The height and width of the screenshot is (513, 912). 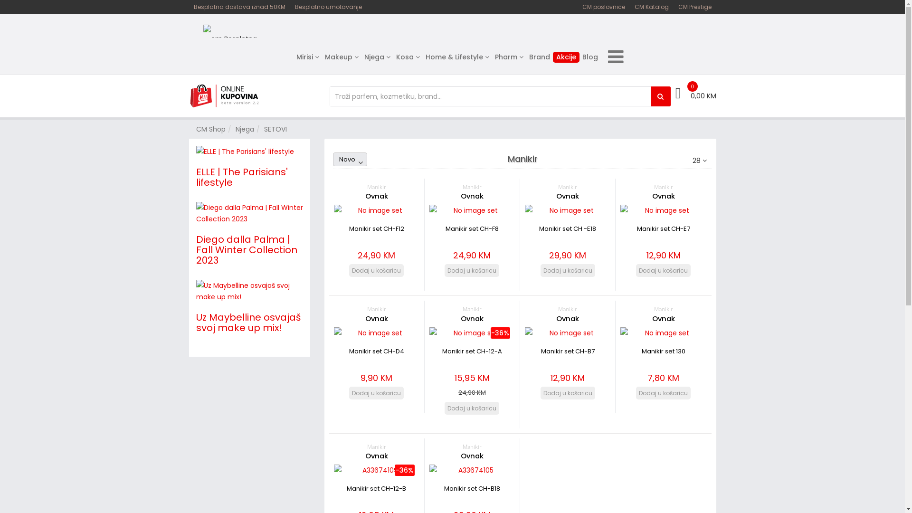 What do you see at coordinates (264, 129) in the screenshot?
I see `'SETOVI'` at bounding box center [264, 129].